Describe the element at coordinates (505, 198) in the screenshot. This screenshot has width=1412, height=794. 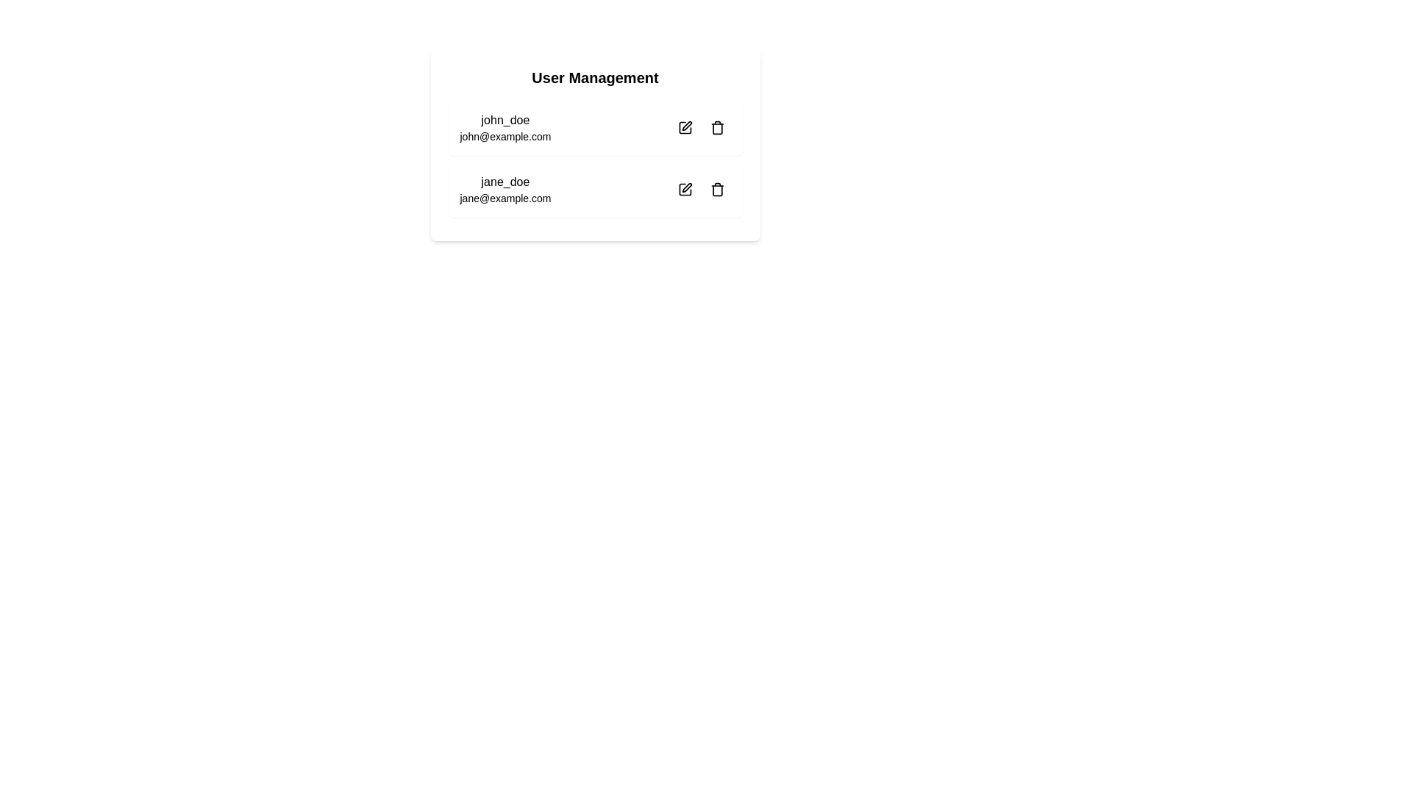
I see `the text label displaying 'jane@example.com', which is located under 'jane_doe' in the user management list` at that location.